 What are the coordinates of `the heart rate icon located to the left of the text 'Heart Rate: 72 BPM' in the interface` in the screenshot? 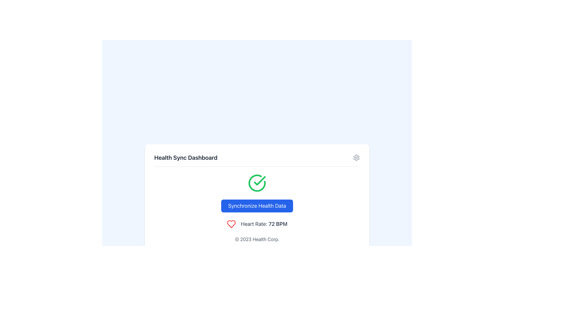 It's located at (231, 224).